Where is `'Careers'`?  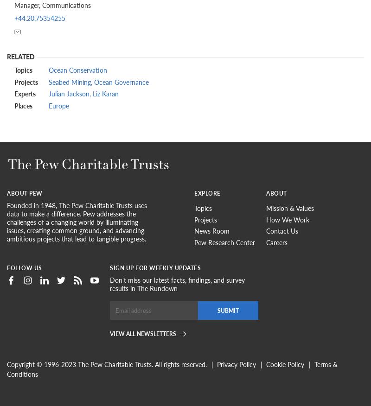
'Careers' is located at coordinates (276, 242).